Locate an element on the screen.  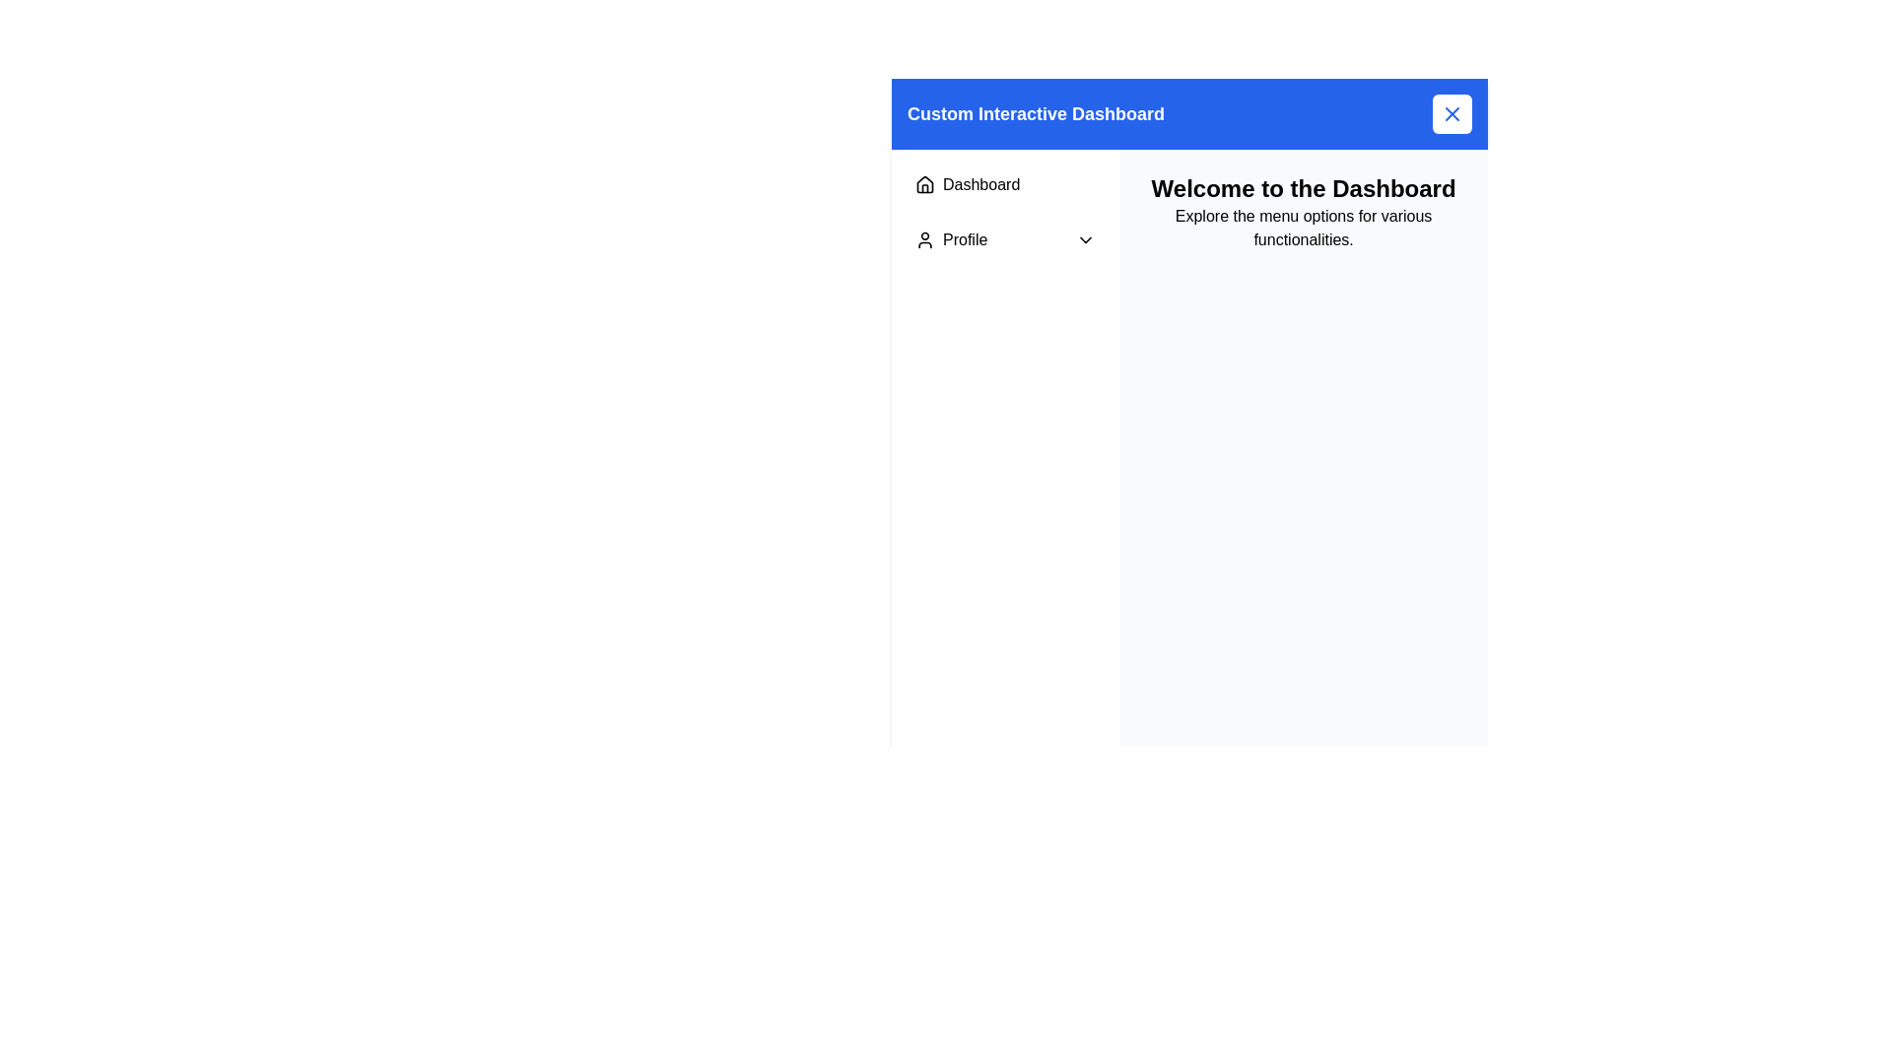
the 'Profile' navigation menu item, which features a user icon and is located below the 'Dashboard' entry in the vertical sidebar is located at coordinates (951, 238).